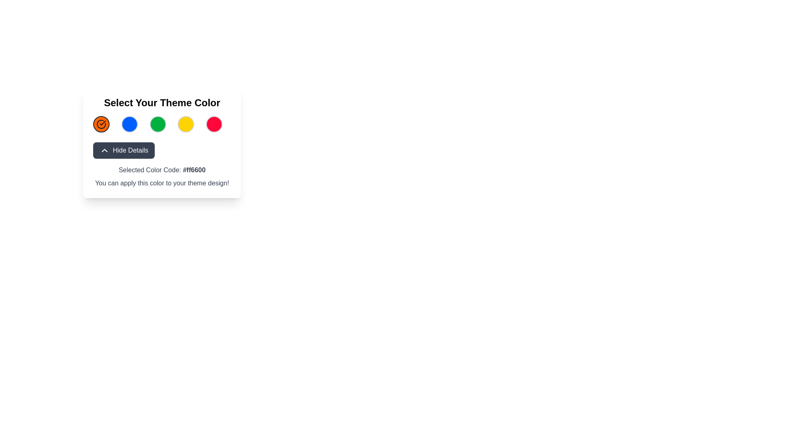  What do you see at coordinates (101, 124) in the screenshot?
I see `the circular button icon with a checkmark inside it, located at the top-left of the color options under 'Select Your Theme Color.'` at bounding box center [101, 124].